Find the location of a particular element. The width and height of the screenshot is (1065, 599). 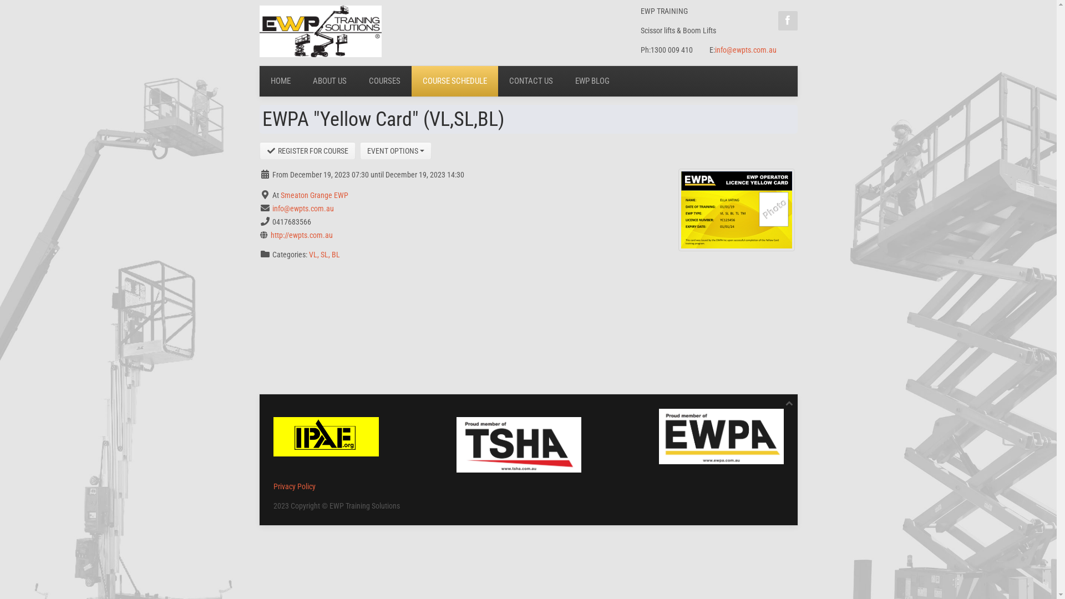

'CONTACT US' is located at coordinates (530, 80).